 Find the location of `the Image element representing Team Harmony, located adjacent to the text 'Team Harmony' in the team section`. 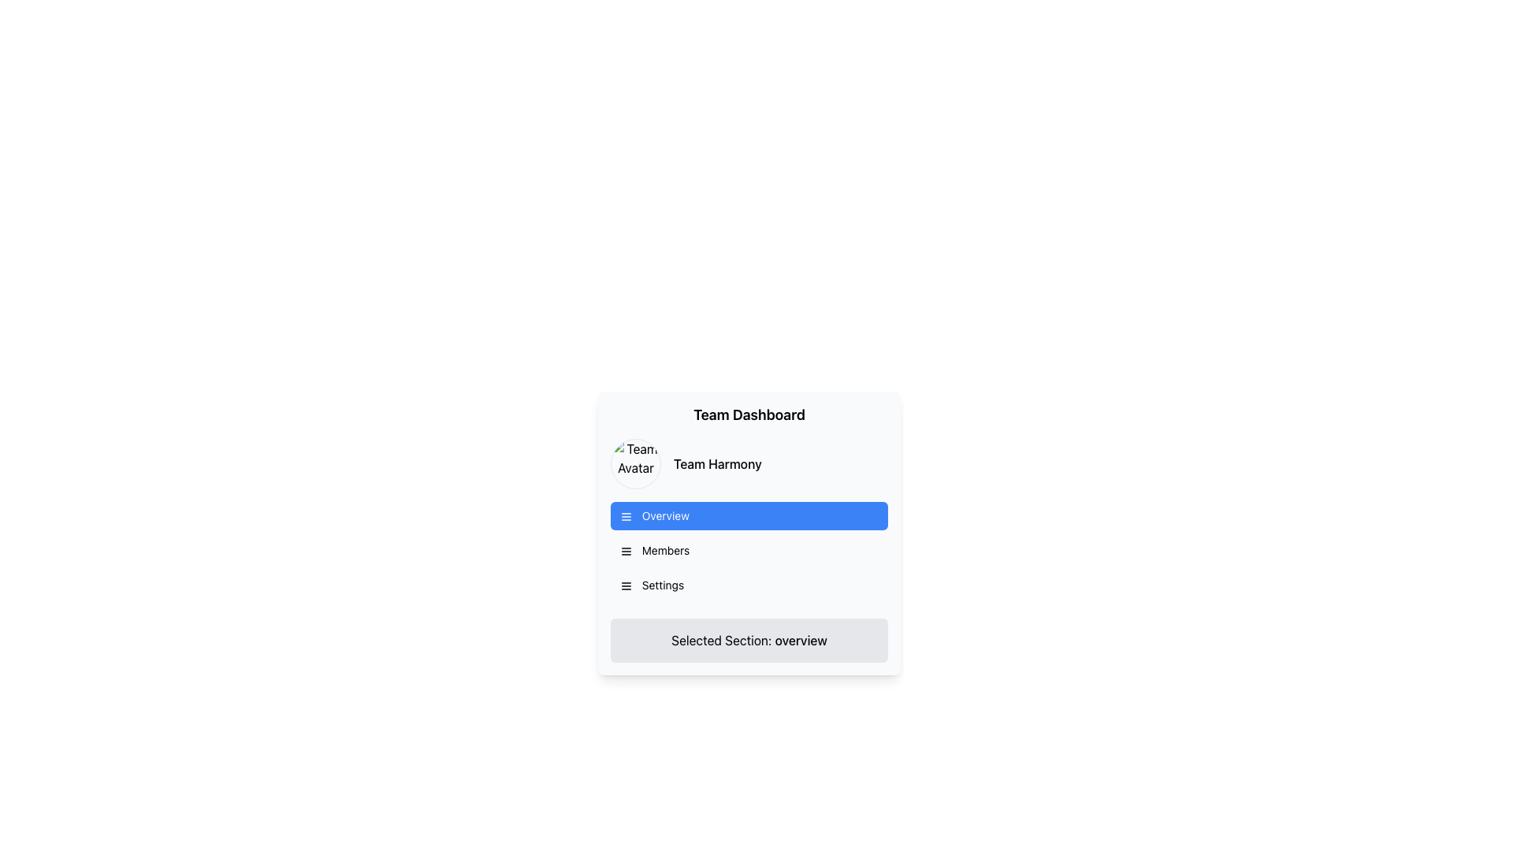

the Image element representing Team Harmony, located adjacent to the text 'Team Harmony' in the team section is located at coordinates (635, 463).